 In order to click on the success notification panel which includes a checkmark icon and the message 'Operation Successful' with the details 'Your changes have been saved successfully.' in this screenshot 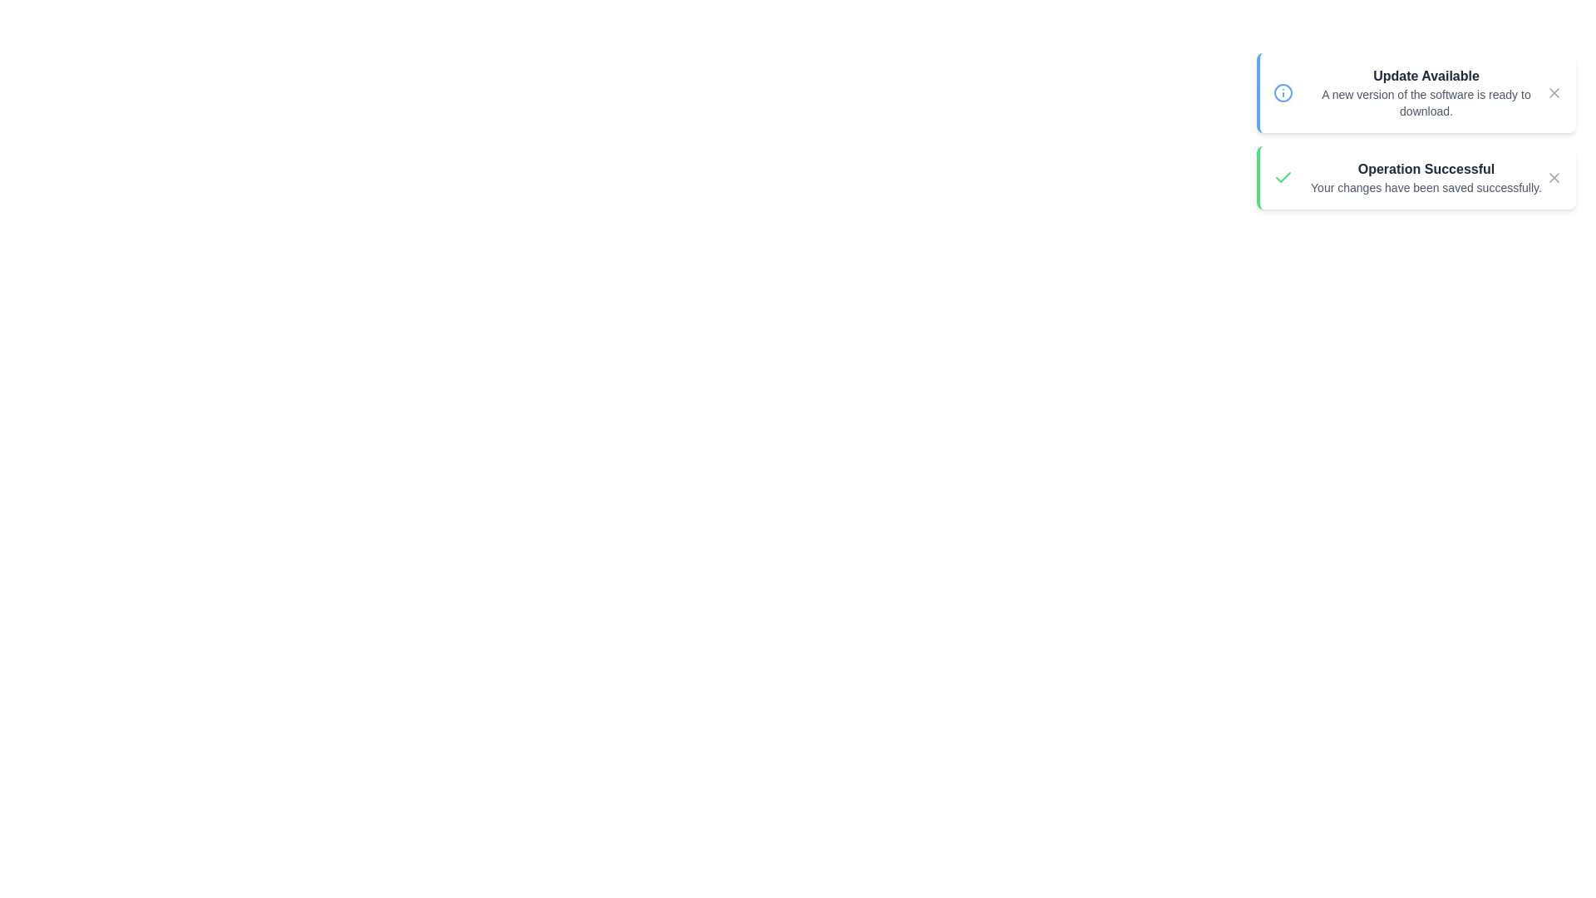, I will do `click(1416, 177)`.